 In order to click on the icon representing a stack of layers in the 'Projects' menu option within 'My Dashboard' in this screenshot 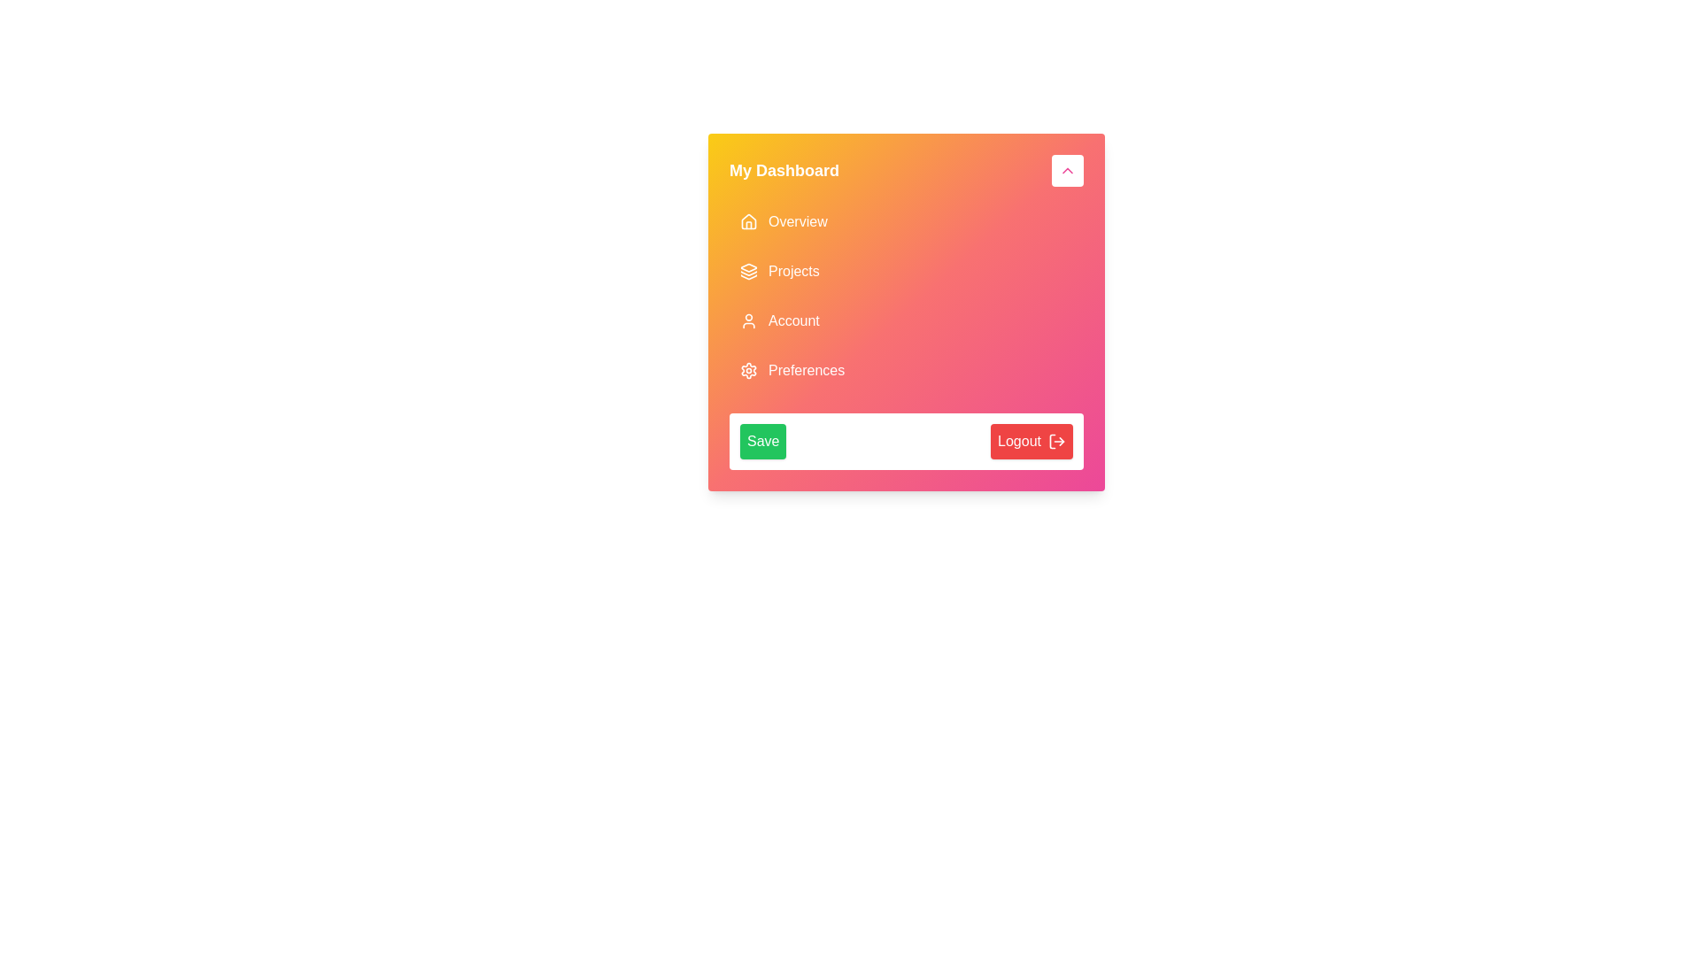, I will do `click(748, 272)`.